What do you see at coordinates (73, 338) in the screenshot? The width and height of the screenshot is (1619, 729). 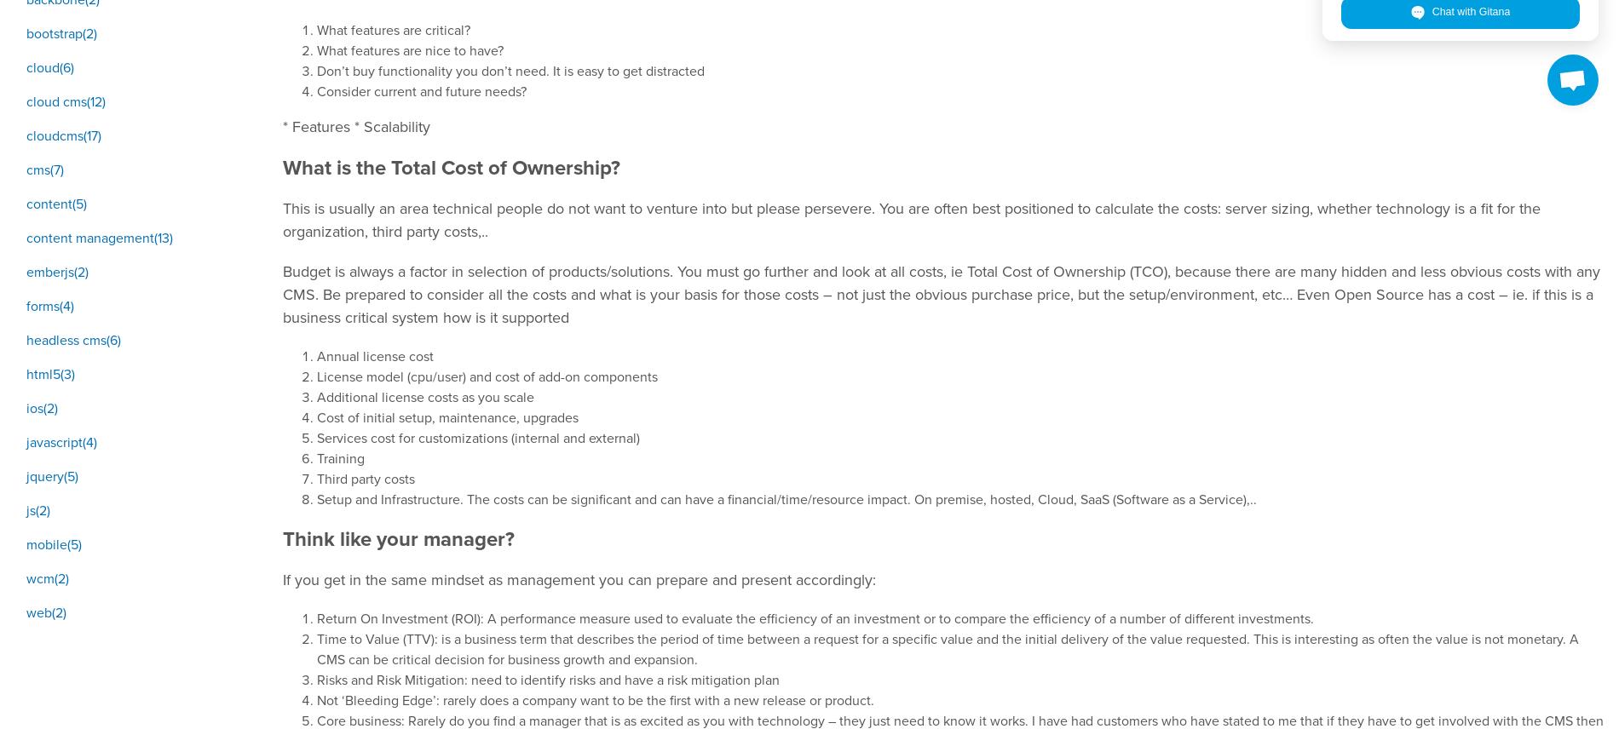 I see `'headless cms(6)'` at bounding box center [73, 338].